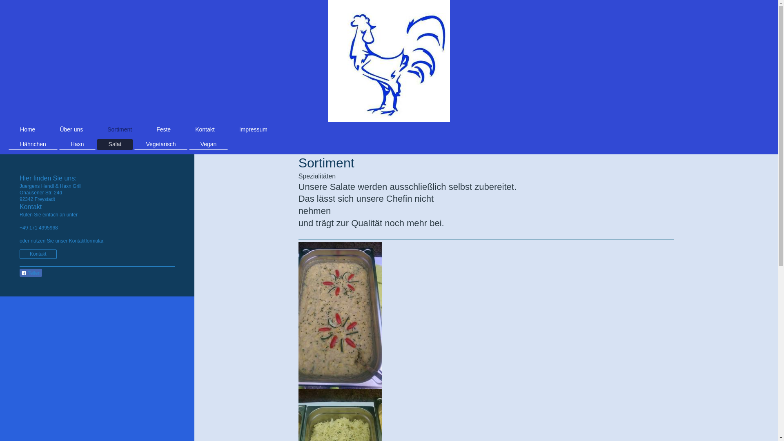 This screenshot has height=441, width=784. I want to click on 'Sortiment', so click(119, 129).